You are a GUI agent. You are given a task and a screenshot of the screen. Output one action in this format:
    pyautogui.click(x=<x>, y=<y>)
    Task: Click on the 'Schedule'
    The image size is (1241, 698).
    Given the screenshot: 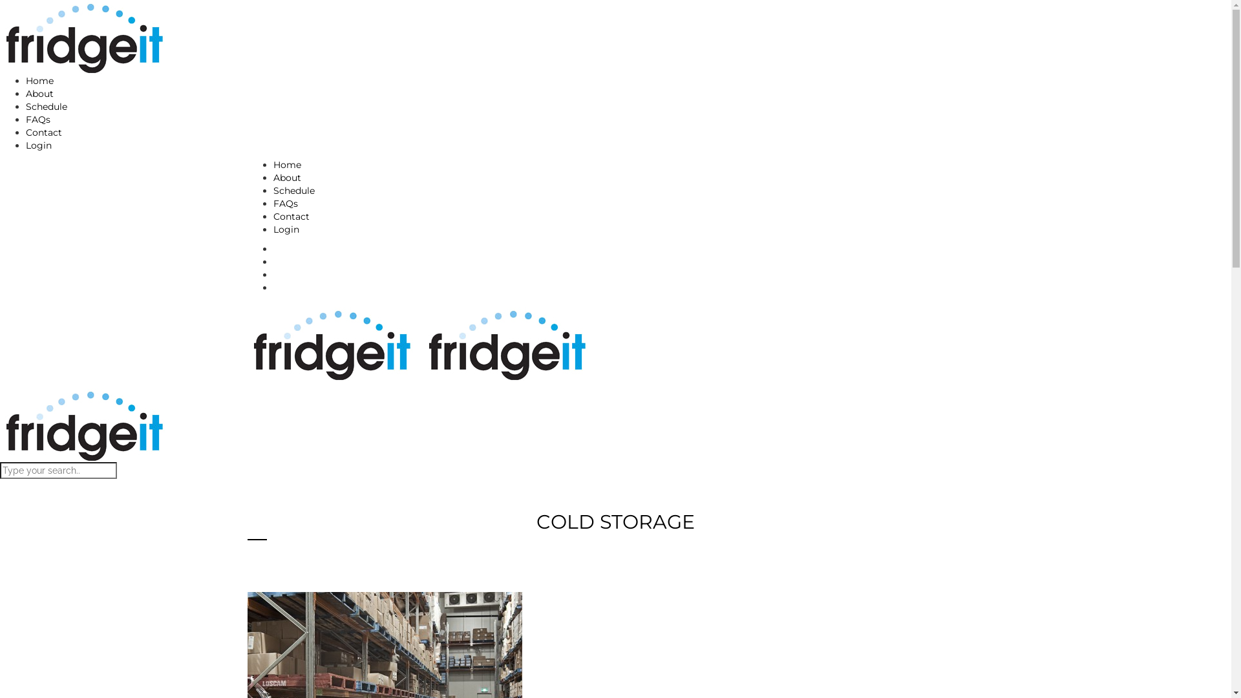 What is the action you would take?
    pyautogui.click(x=293, y=190)
    